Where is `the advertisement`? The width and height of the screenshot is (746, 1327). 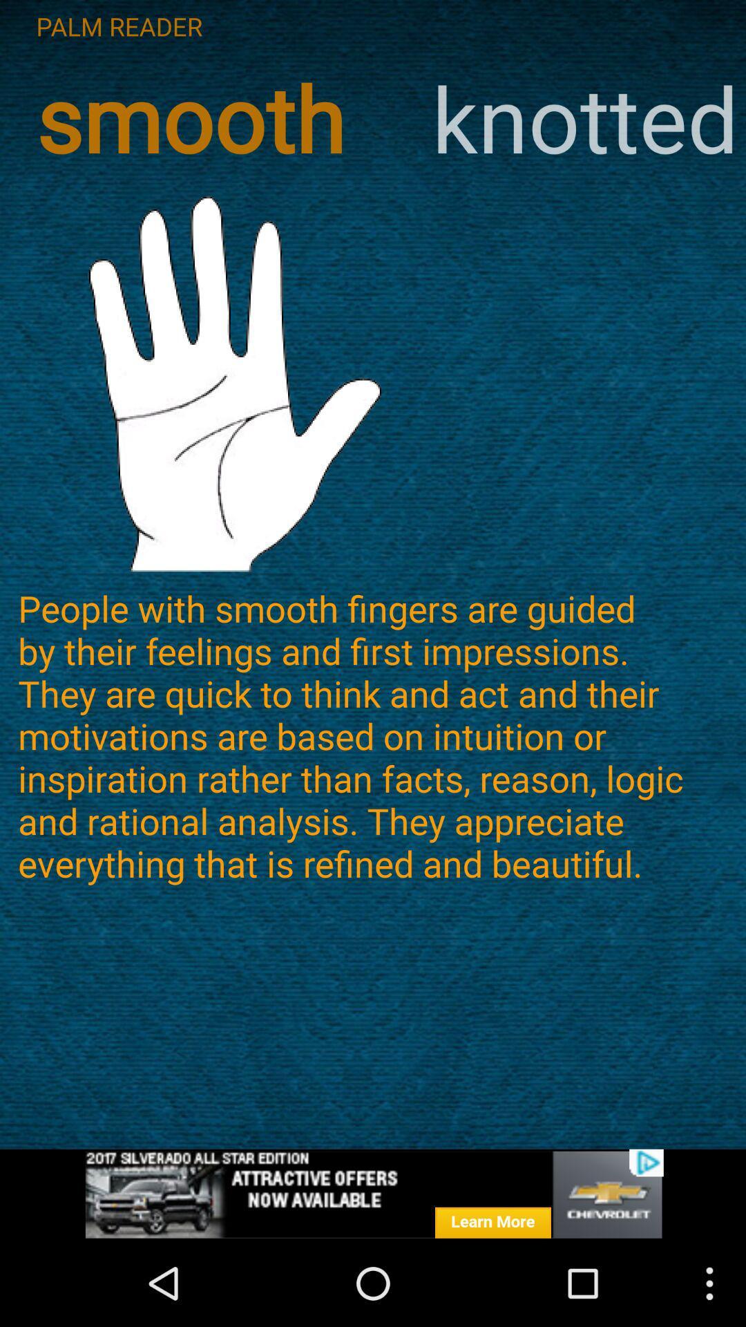 the advertisement is located at coordinates (373, 1194).